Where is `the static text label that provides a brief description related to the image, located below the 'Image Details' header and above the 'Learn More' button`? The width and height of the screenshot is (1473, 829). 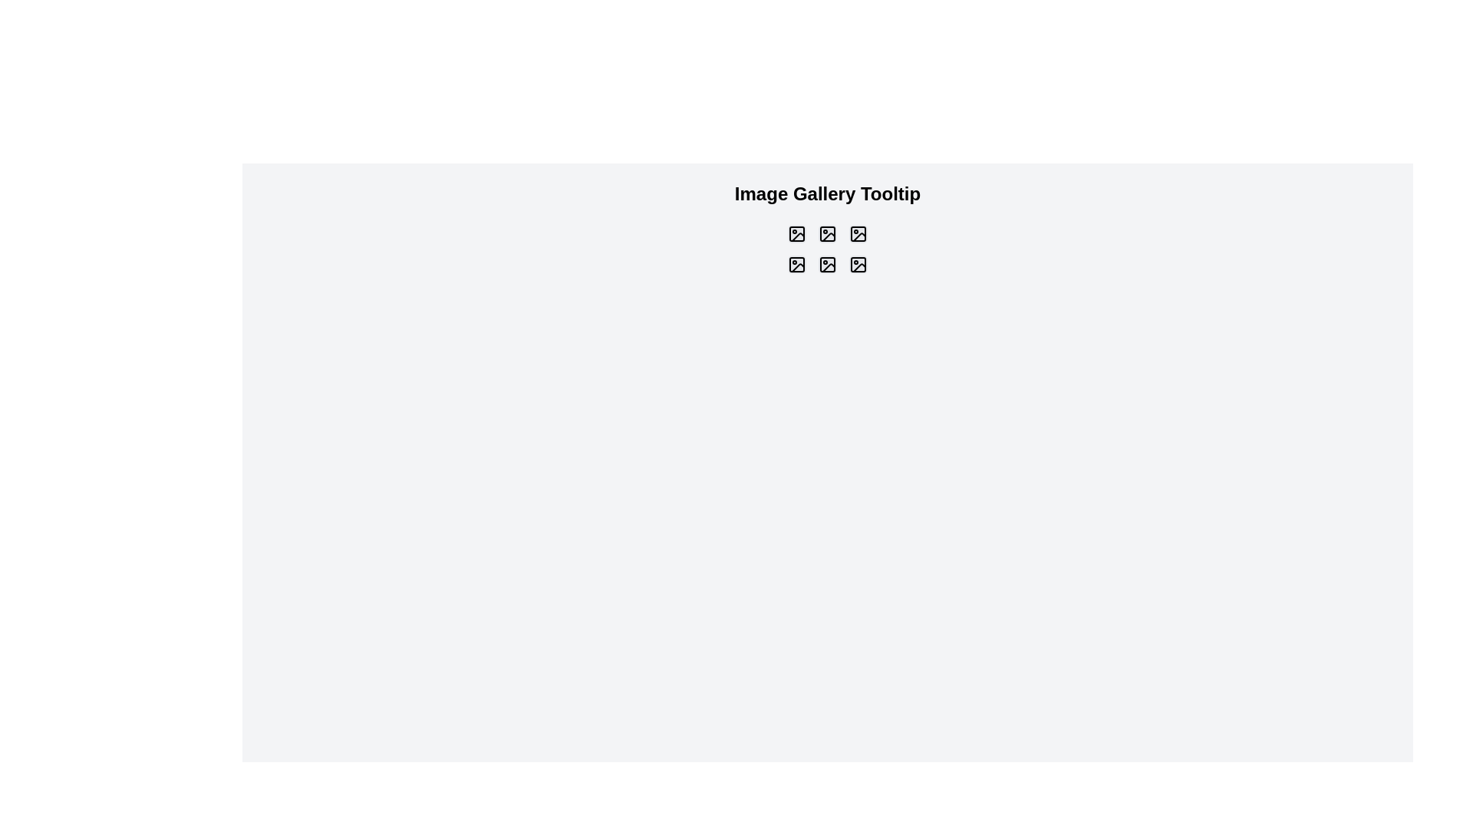 the static text label that provides a brief description related to the image, located below the 'Image Details' header and above the 'Learn More' button is located at coordinates (827, 257).